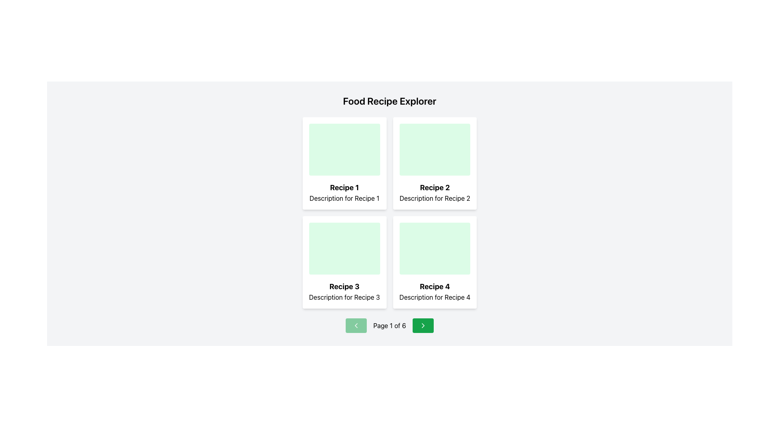  Describe the element at coordinates (344, 163) in the screenshot. I see `the recipe card component located in the top-left corner of the 2x2 grid layout, which provides a title and description preview for a recipe` at that location.